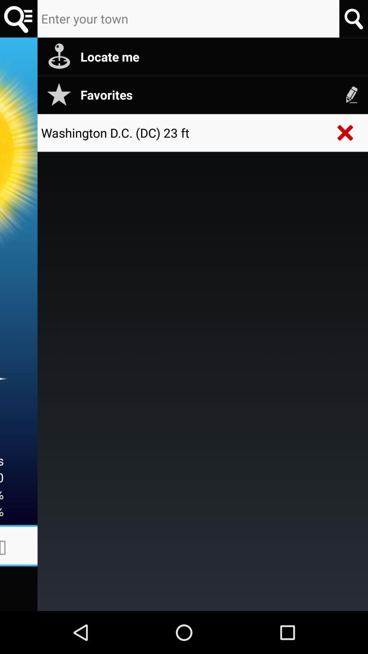 This screenshot has height=654, width=368. What do you see at coordinates (18, 19) in the screenshot?
I see `searching` at bounding box center [18, 19].